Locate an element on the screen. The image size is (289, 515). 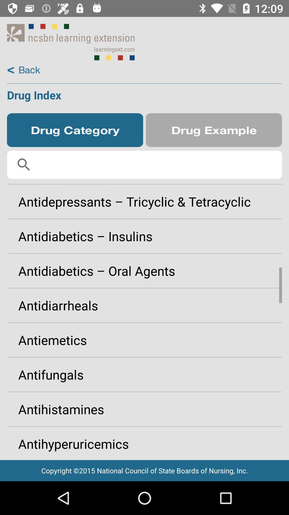
the icon above the antihistamines item is located at coordinates (144, 374).